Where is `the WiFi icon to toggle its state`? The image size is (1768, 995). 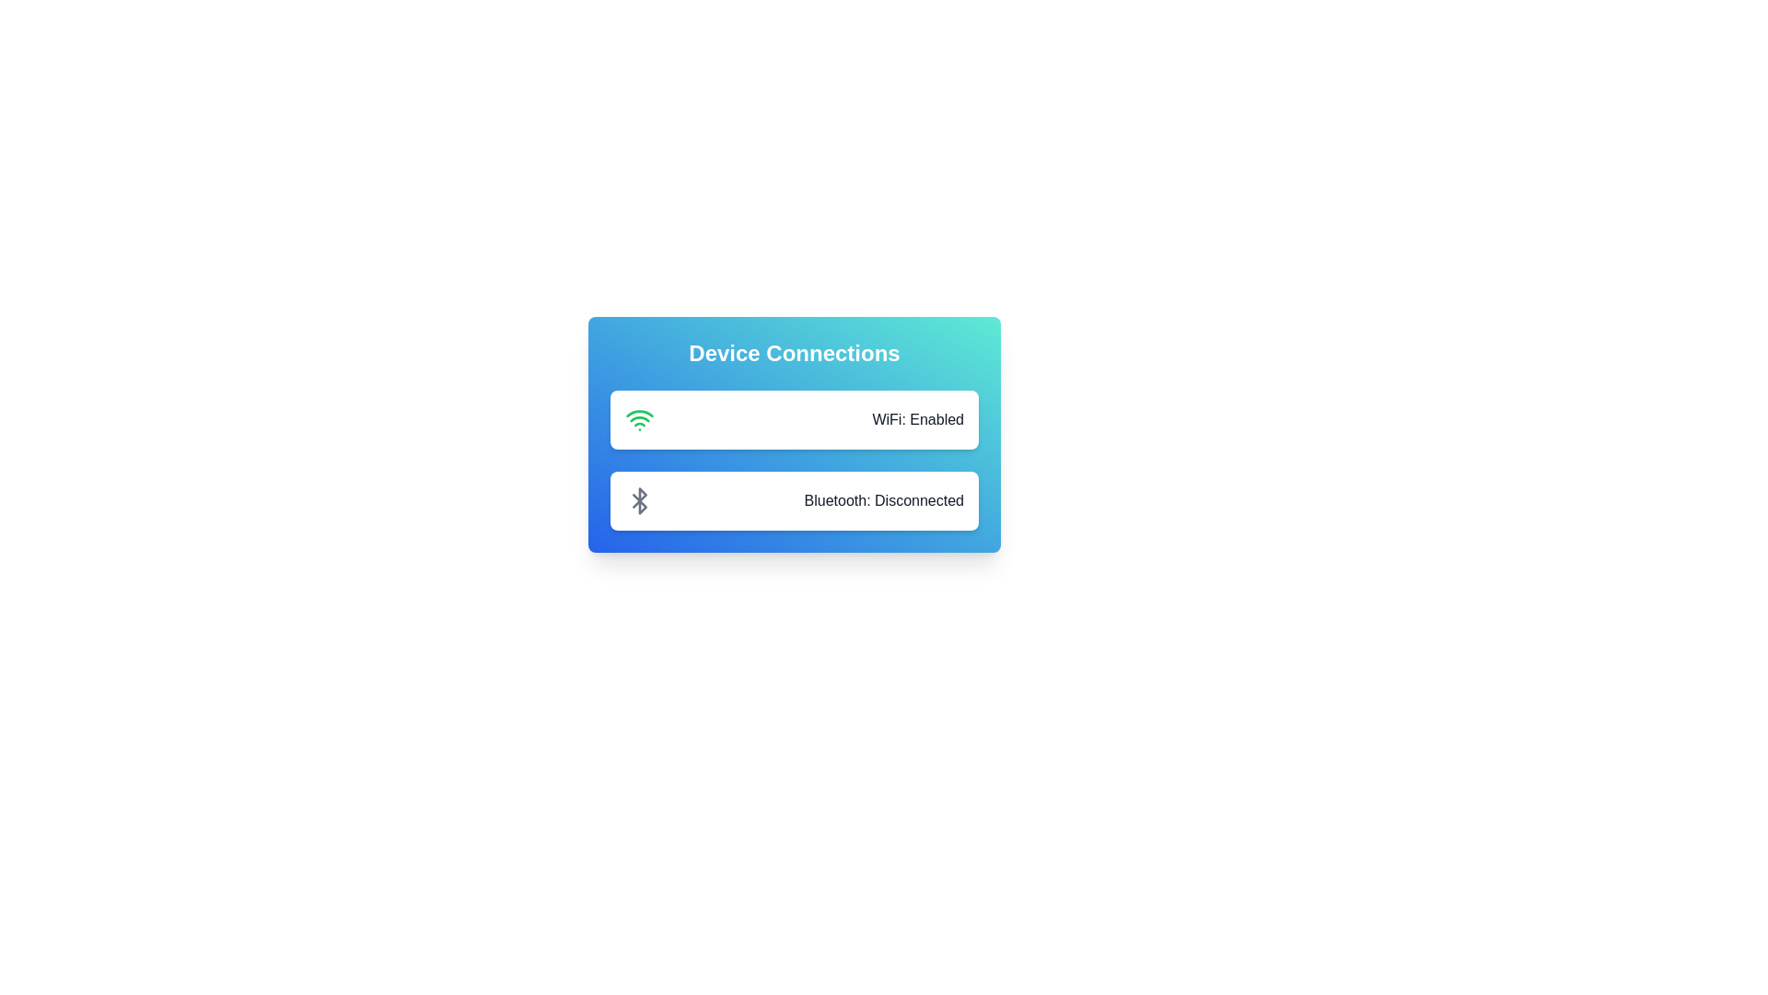 the WiFi icon to toggle its state is located at coordinates (640, 419).